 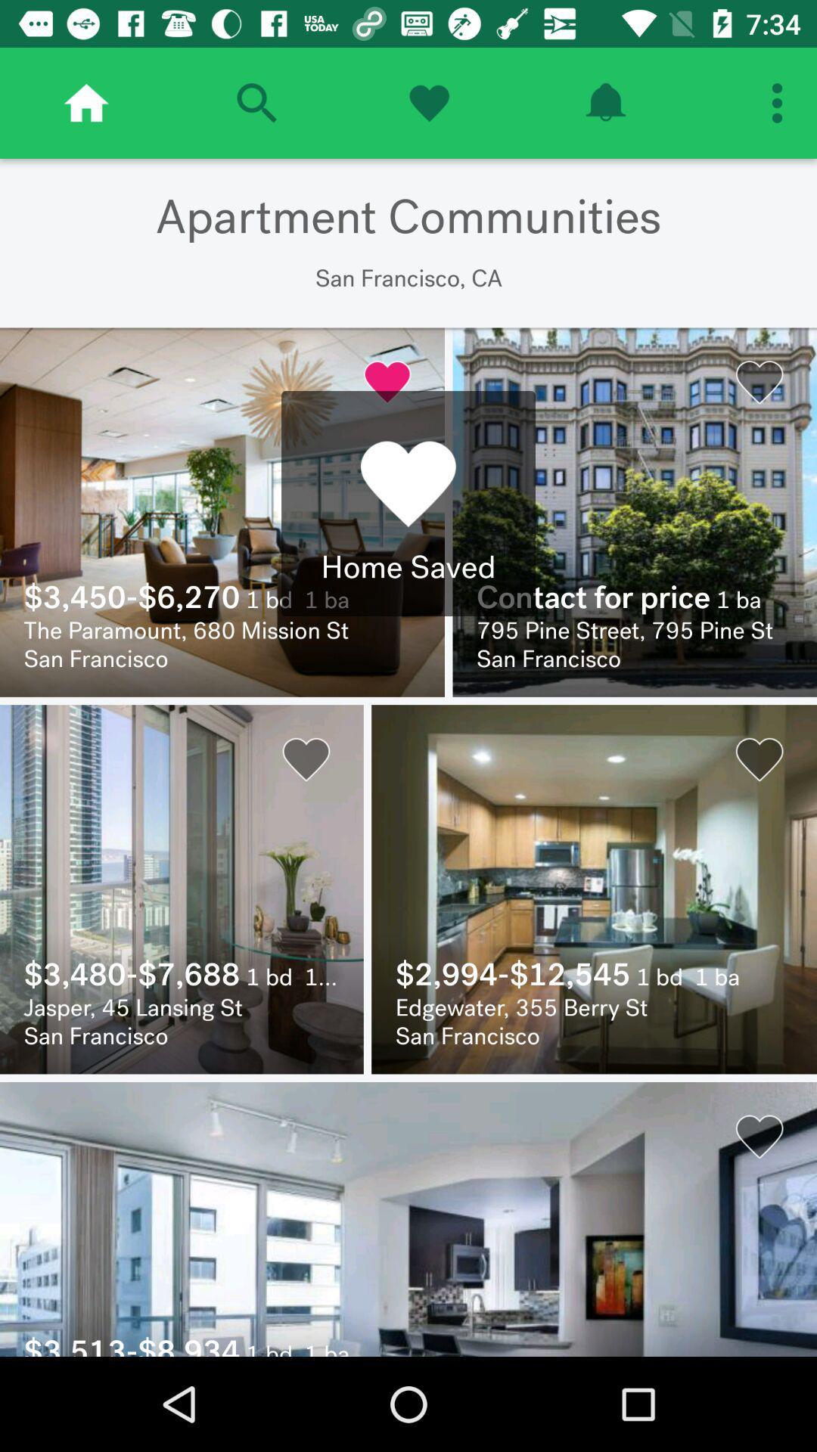 What do you see at coordinates (256, 102) in the screenshot?
I see `search button for apartments` at bounding box center [256, 102].